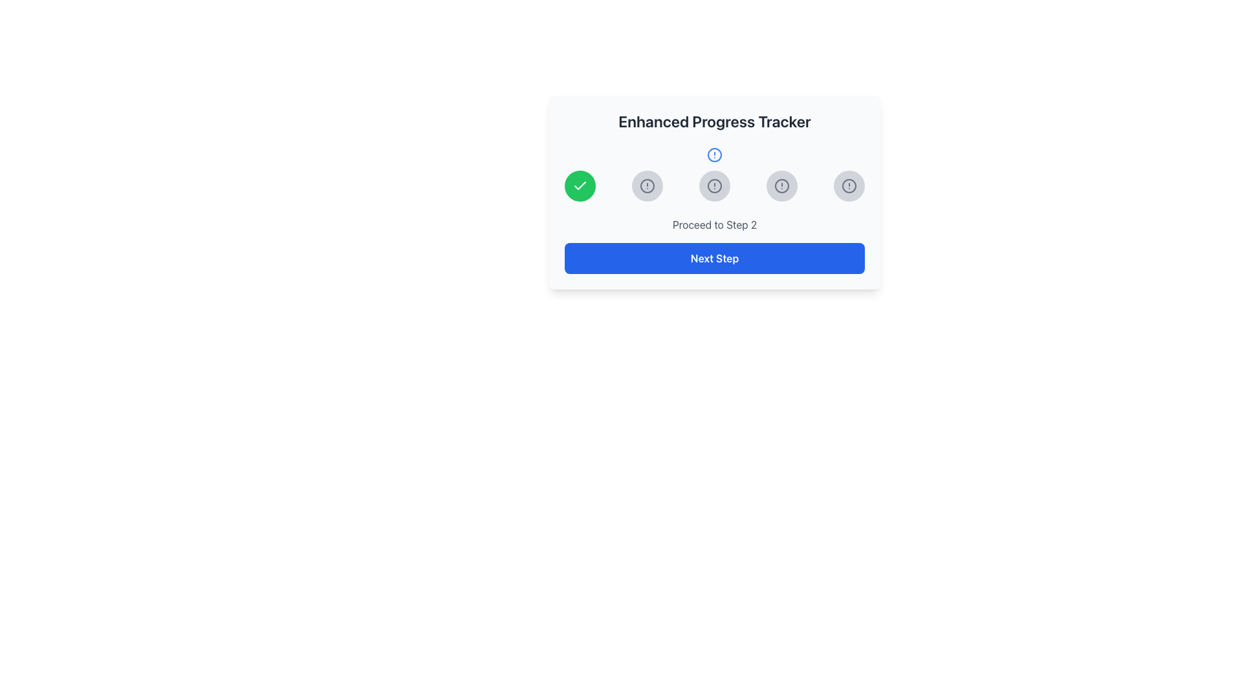 The height and width of the screenshot is (698, 1242). What do you see at coordinates (714, 154) in the screenshot?
I see `the status of the second circular progress indicator icon located below the 'Enhanced Progress Tracker' header` at bounding box center [714, 154].